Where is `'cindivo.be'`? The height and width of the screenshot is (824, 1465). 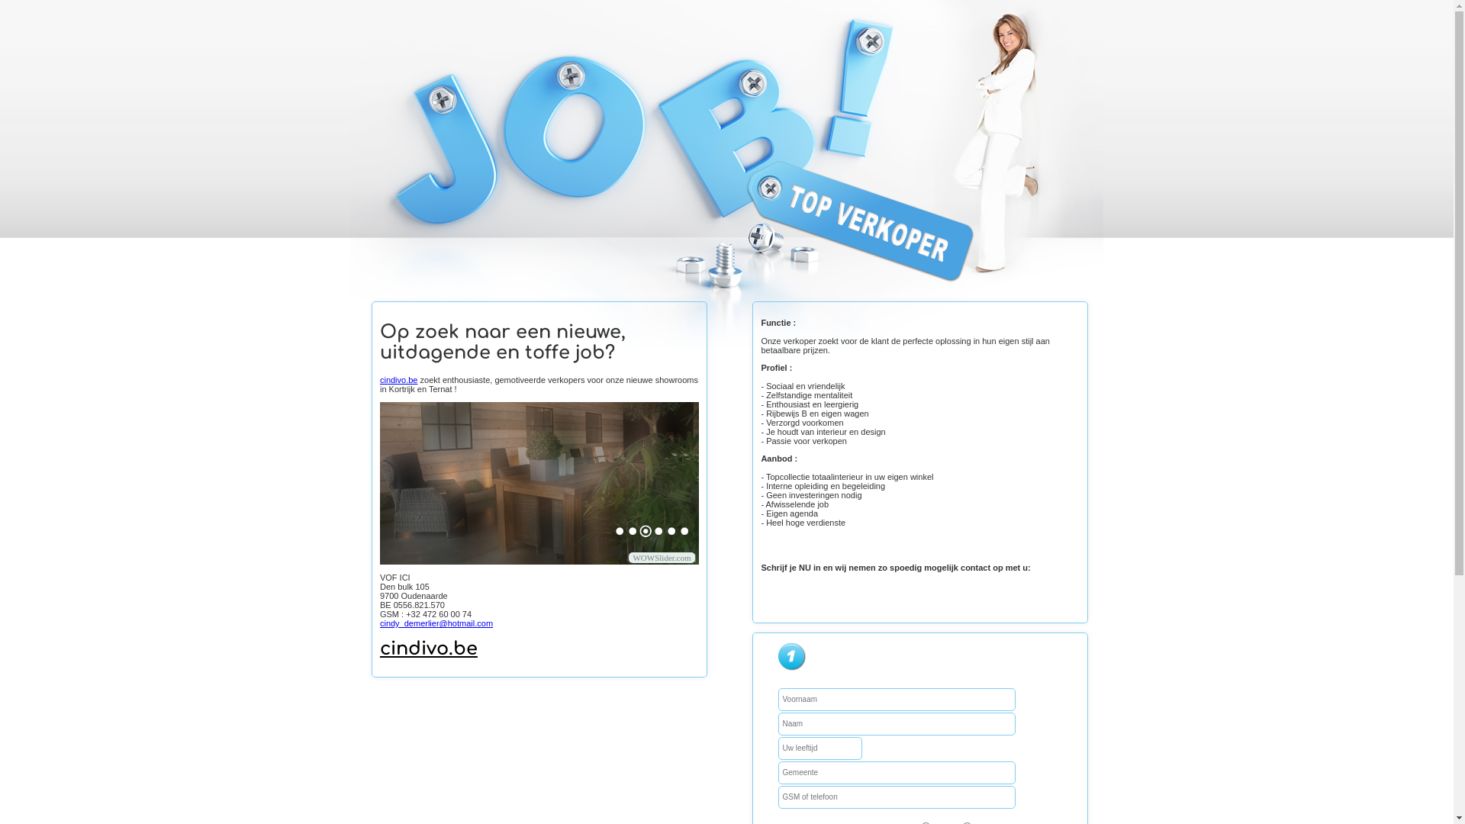
'cindivo.be' is located at coordinates (399, 378).